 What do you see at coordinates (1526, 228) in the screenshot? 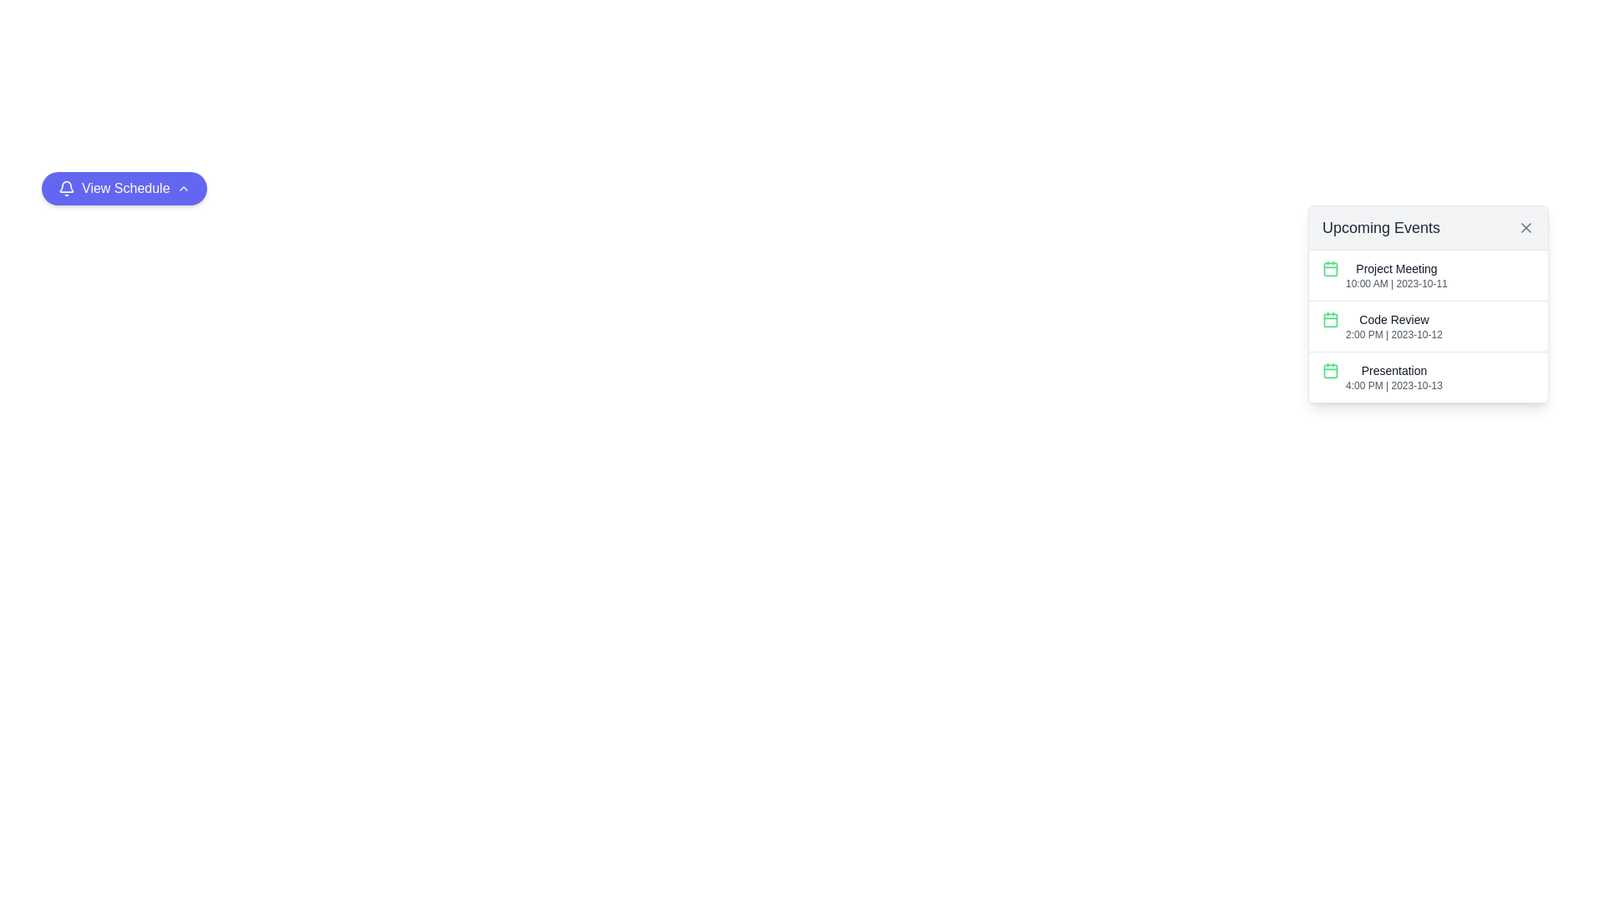
I see `the close button located in the header of the 'Upcoming Events' widget, positioned to the far right next to the title text, to trigger a color change` at bounding box center [1526, 228].